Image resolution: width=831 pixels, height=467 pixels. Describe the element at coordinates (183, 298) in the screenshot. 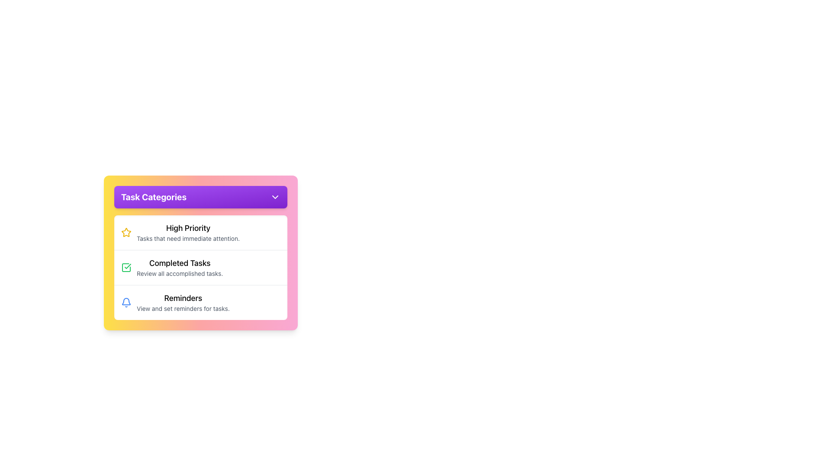

I see `the bold, black 'Reminders' text label that serves as the primary title in the reminders section` at that location.